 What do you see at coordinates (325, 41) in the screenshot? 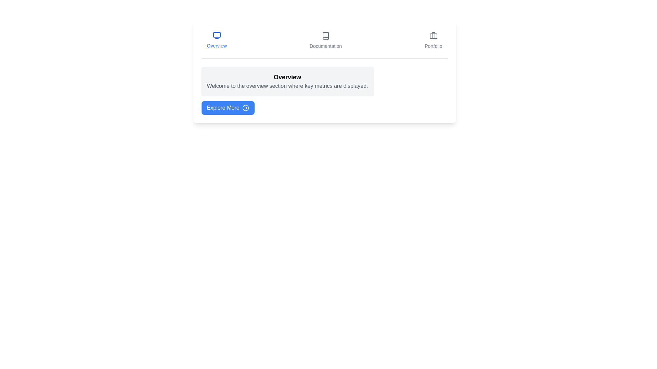
I see `the tab labeled Documentation to preview its interactive effect` at bounding box center [325, 41].